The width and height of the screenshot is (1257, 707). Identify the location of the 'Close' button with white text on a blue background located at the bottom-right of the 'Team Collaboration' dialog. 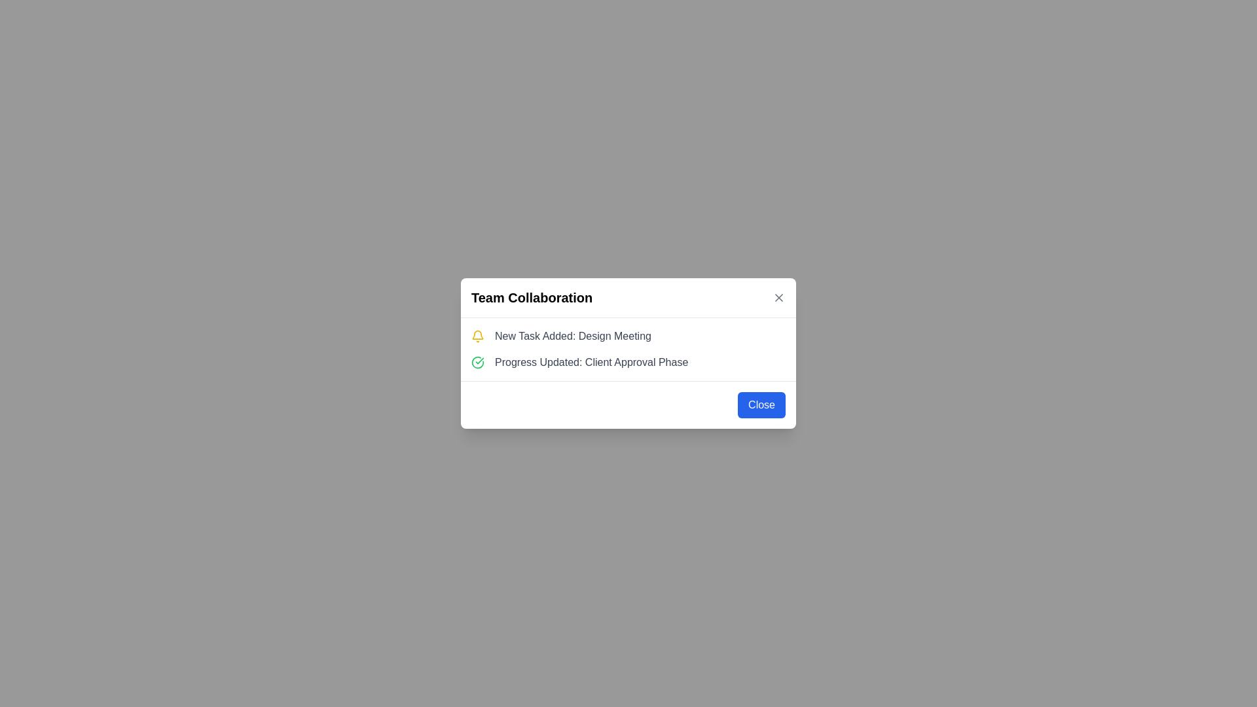
(761, 404).